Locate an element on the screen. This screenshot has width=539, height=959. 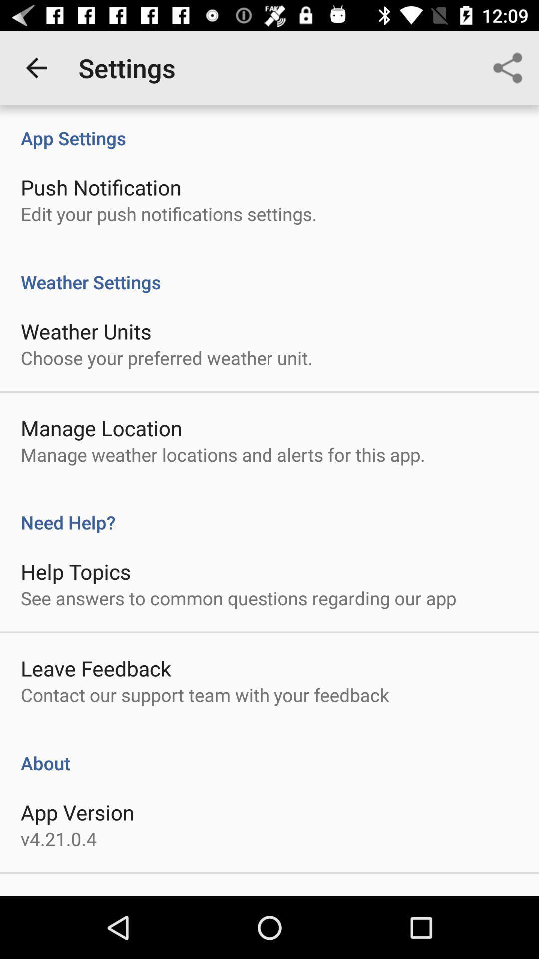
item above weather units icon is located at coordinates (269, 271).